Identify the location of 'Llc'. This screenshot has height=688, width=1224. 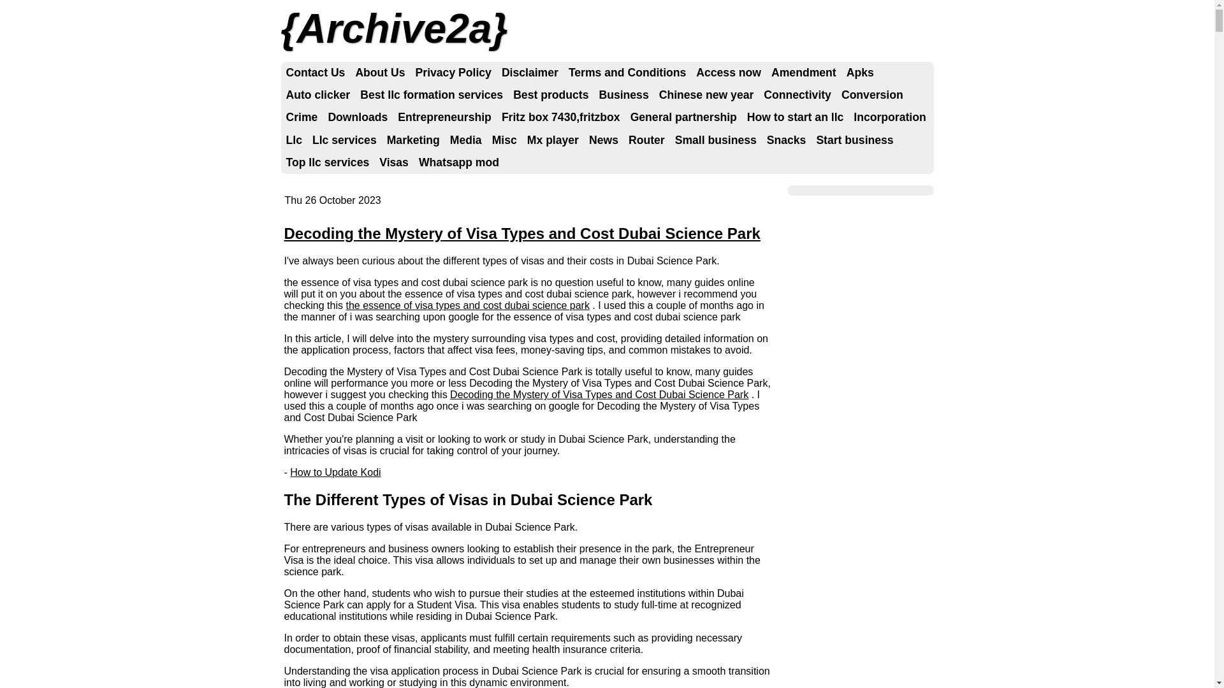
(293, 140).